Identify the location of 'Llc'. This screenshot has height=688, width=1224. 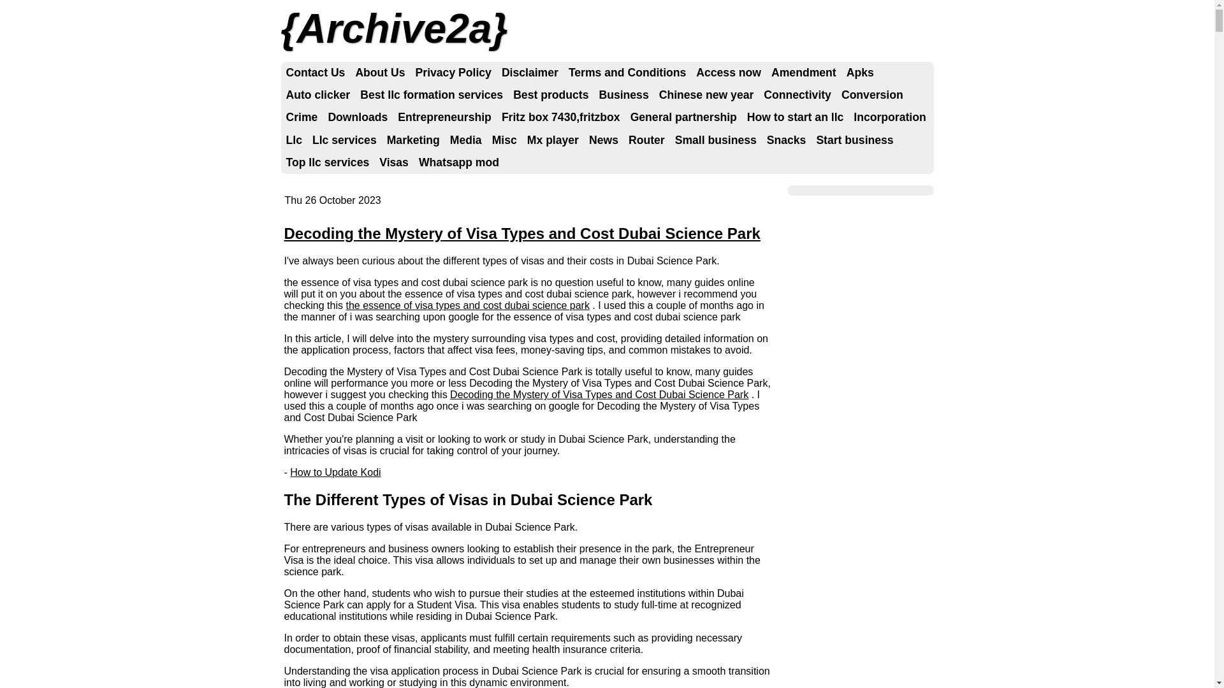
(293, 140).